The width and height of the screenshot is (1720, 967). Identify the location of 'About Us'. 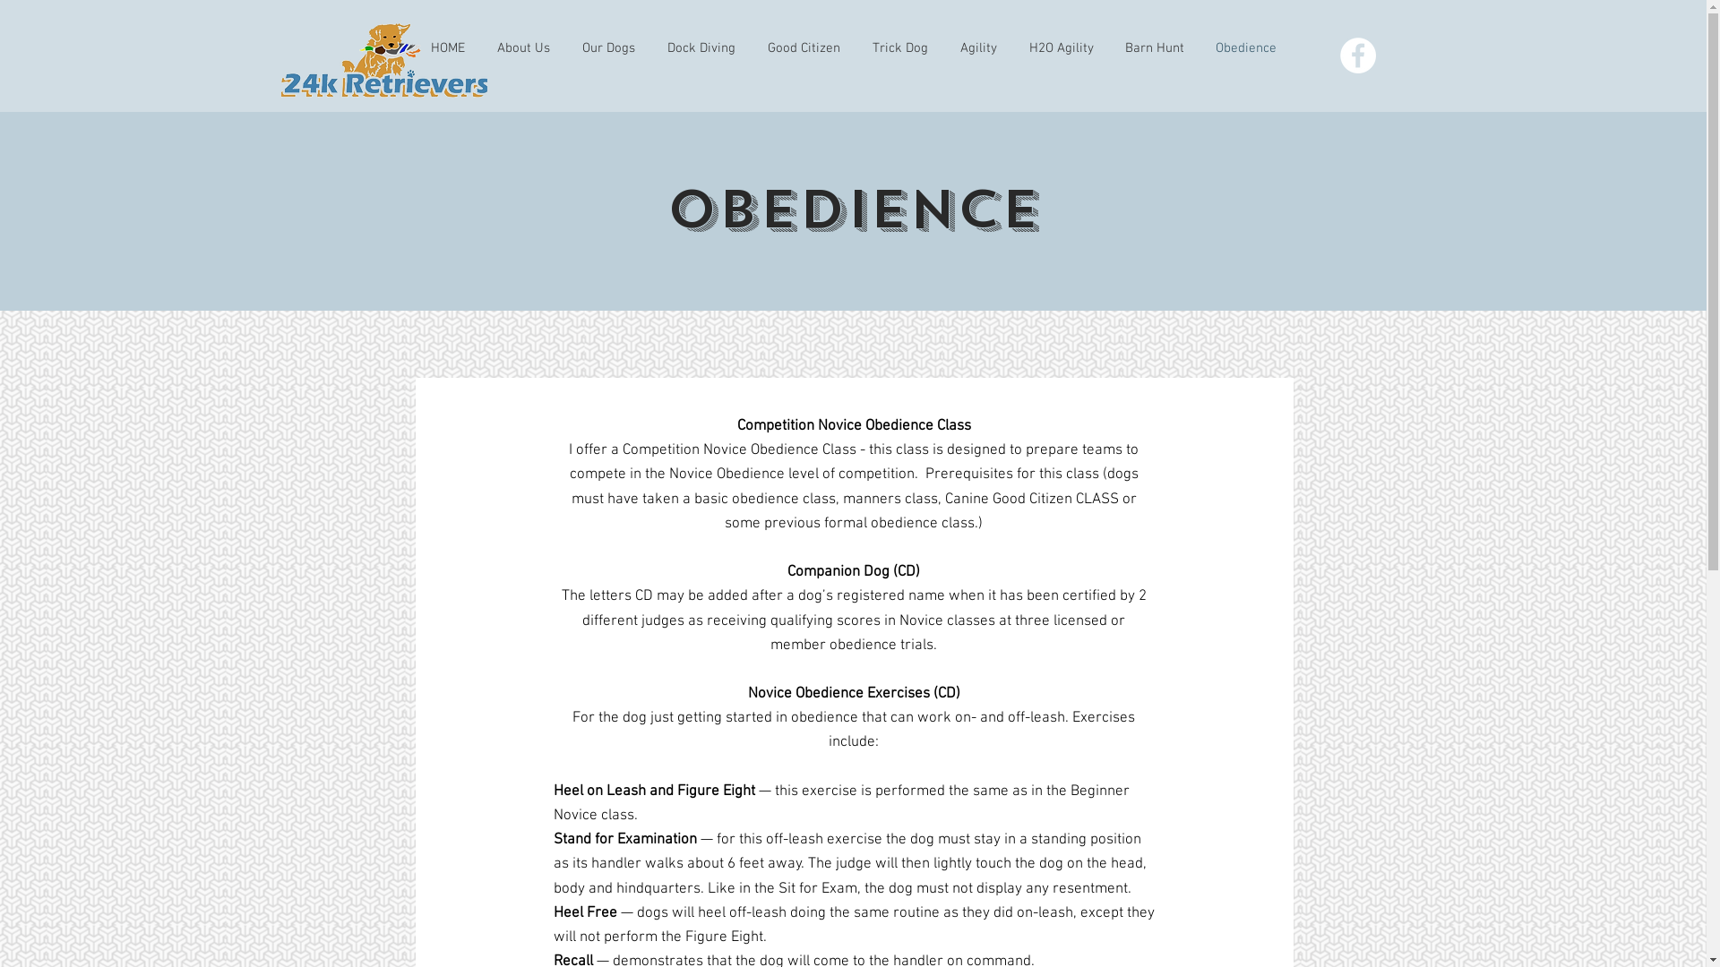
(521, 47).